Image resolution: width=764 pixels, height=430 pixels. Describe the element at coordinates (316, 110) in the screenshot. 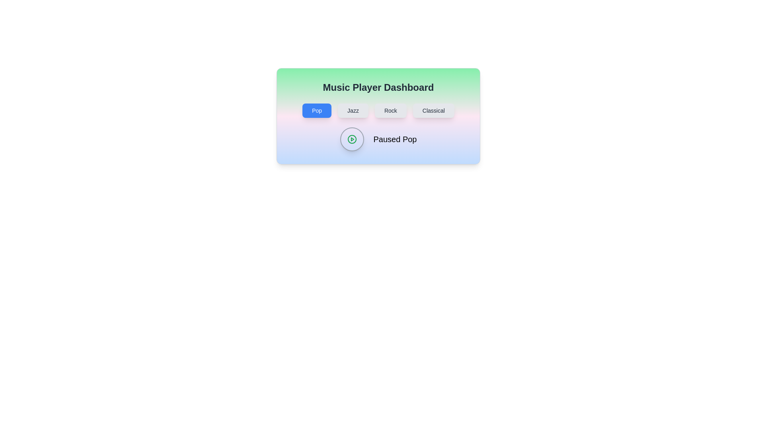

I see `the button corresponding to the genre Pop to select it` at that location.